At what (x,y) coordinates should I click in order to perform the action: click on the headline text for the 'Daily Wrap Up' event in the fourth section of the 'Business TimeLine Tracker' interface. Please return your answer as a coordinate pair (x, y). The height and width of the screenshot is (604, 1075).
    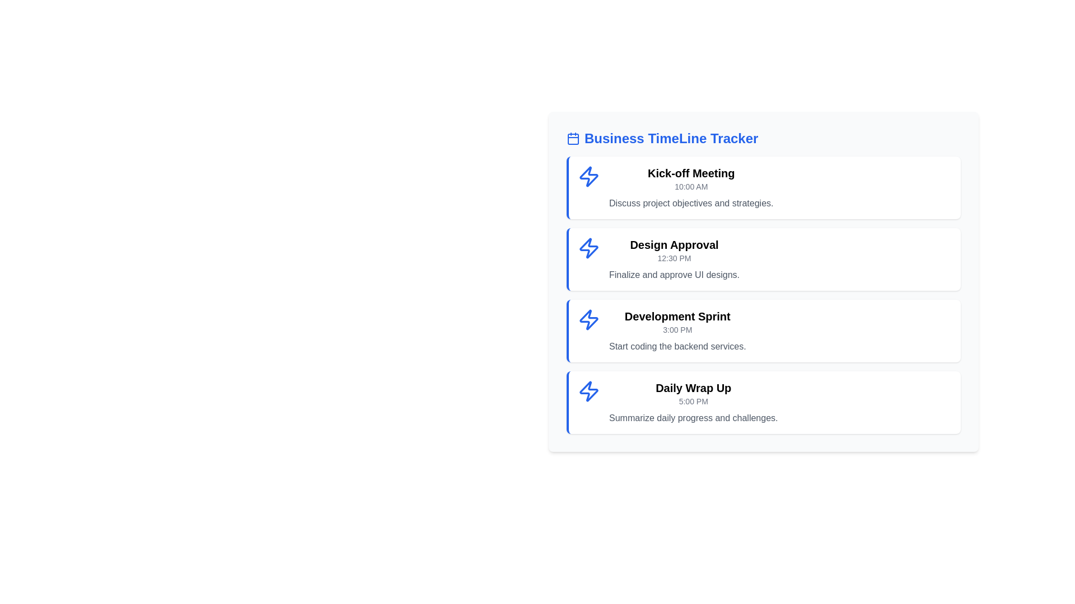
    Looking at the image, I should click on (693, 388).